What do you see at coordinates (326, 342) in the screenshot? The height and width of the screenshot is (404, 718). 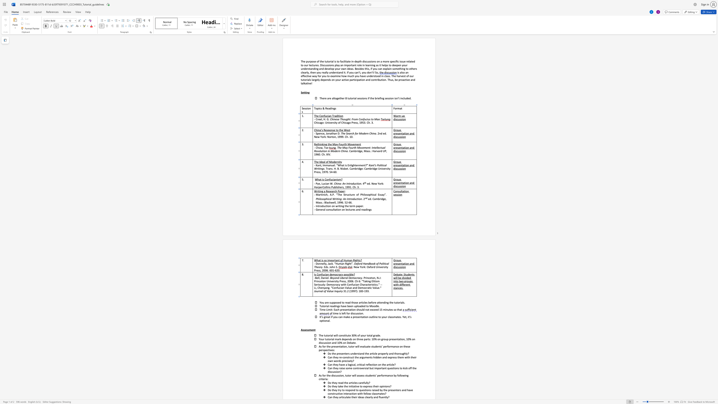 I see `the 6th character "s" in the text` at bounding box center [326, 342].